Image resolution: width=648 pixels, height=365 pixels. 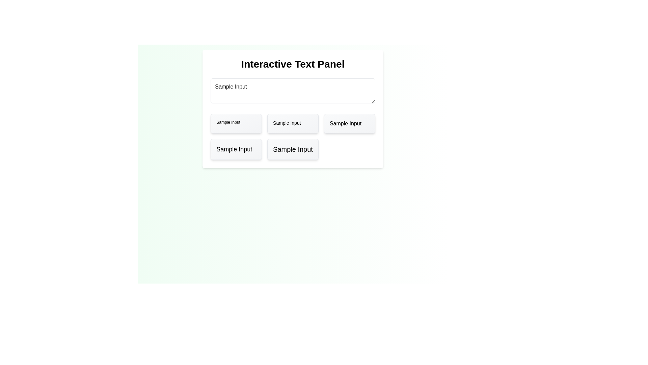 I want to click on the informational panel displaying 'Sample Input', located in the second row and second column of the grid layout, directly below the 'Interactive Text Panel', so click(x=293, y=124).